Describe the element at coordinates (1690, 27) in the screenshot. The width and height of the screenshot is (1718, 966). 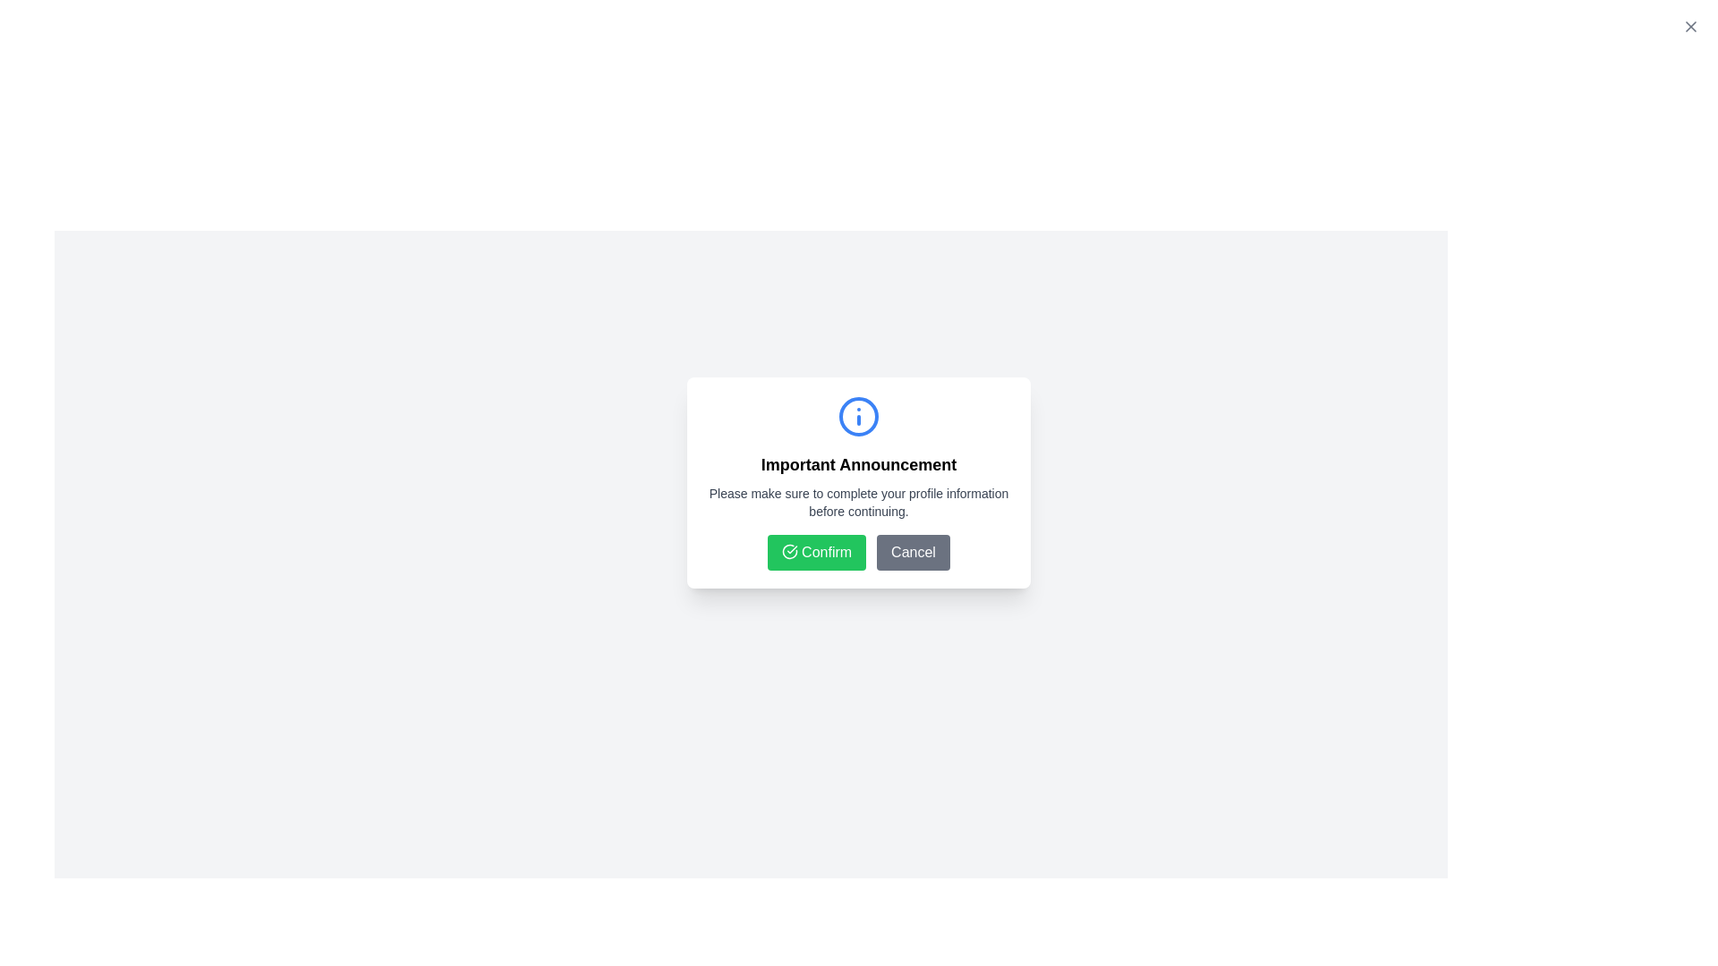
I see `the gray 'X' icon button located at the top-right corner of the dialog box` at that location.